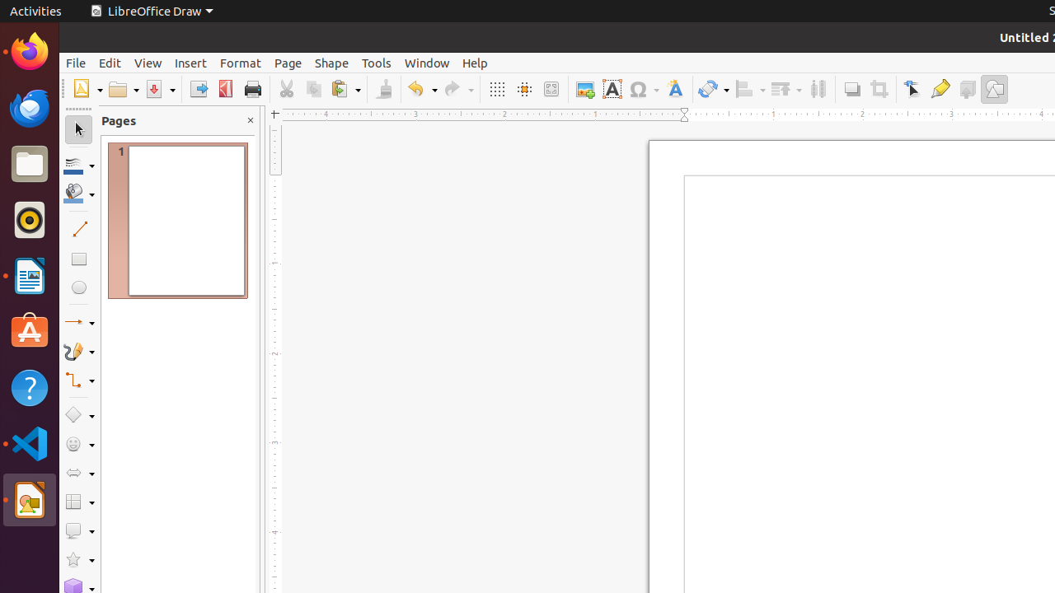 The width and height of the screenshot is (1055, 593). What do you see at coordinates (427, 62) in the screenshot?
I see `'Window'` at bounding box center [427, 62].